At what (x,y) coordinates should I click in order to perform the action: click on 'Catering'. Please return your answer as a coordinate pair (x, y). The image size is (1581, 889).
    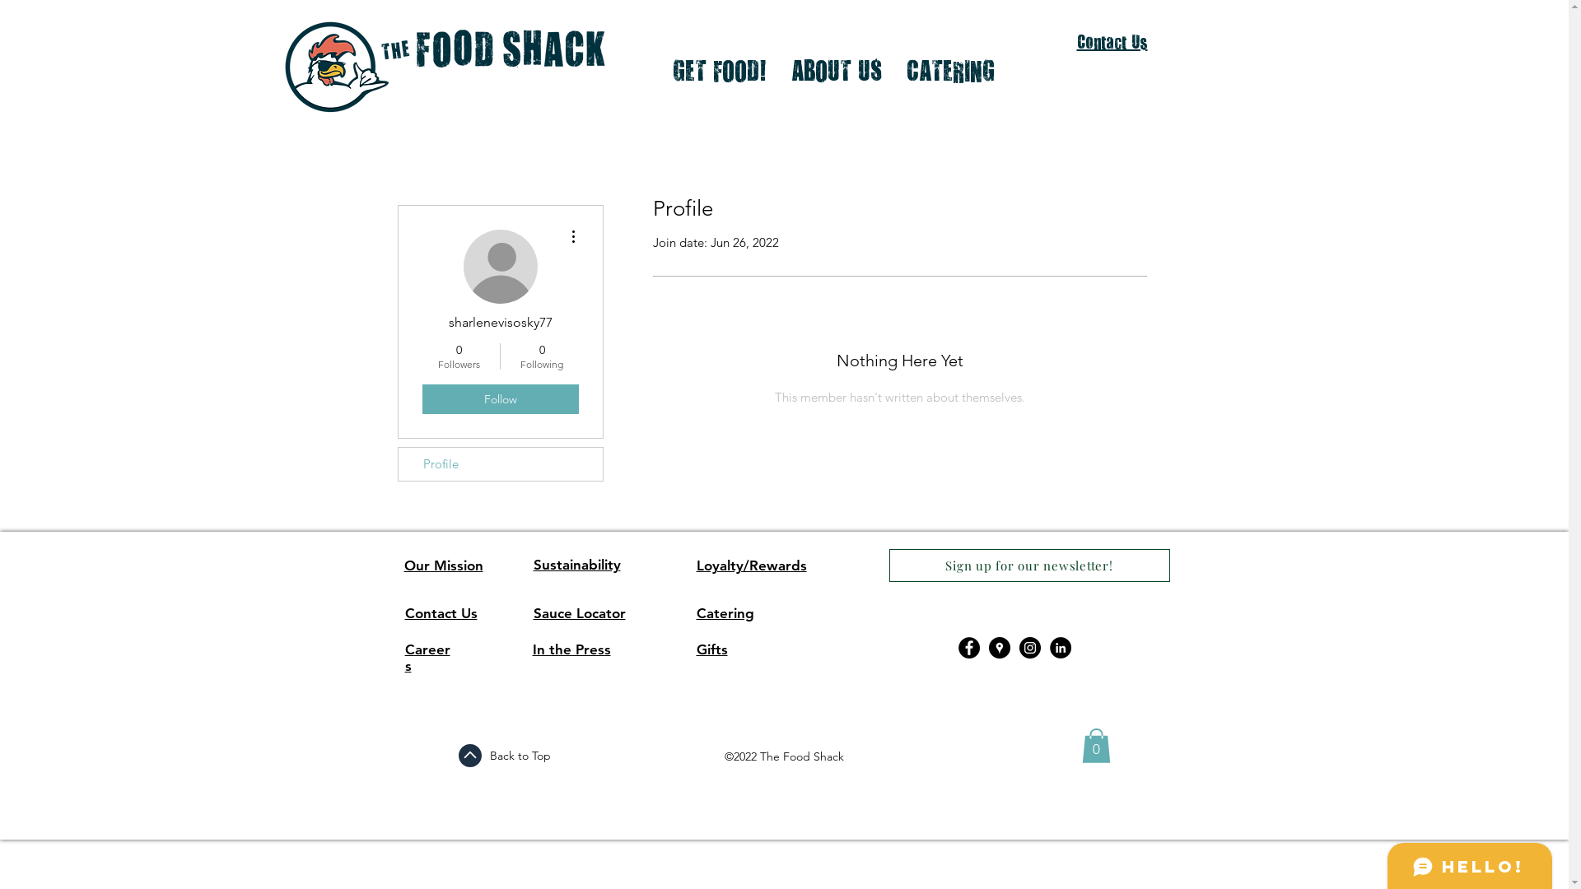
    Looking at the image, I should click on (696, 612).